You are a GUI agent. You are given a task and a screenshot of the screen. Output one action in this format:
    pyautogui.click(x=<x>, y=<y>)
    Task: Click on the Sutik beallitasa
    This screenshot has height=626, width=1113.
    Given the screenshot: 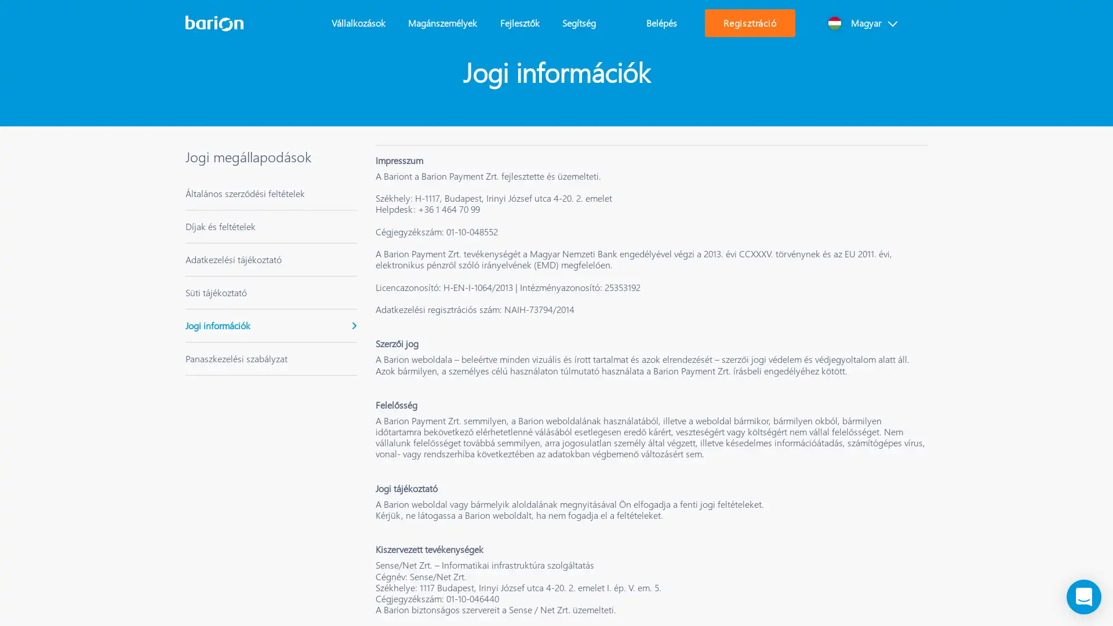 What is the action you would take?
    pyautogui.click(x=763, y=574)
    